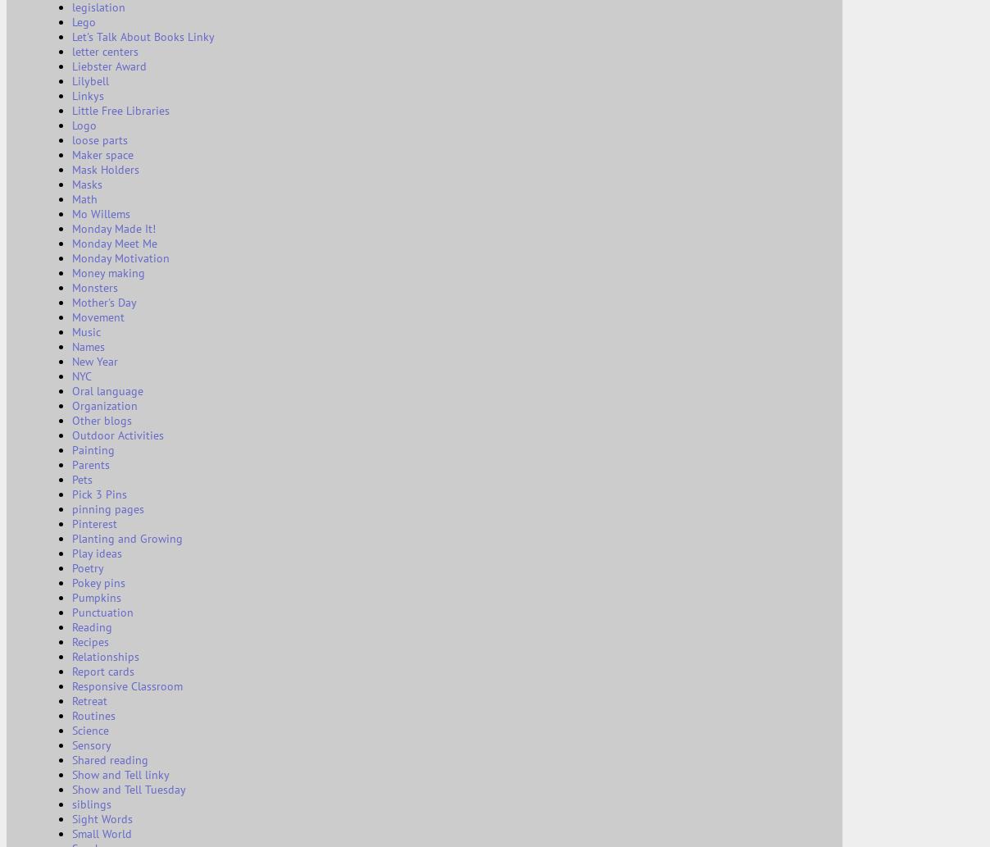 This screenshot has width=990, height=847. What do you see at coordinates (102, 612) in the screenshot?
I see `'Punctuation'` at bounding box center [102, 612].